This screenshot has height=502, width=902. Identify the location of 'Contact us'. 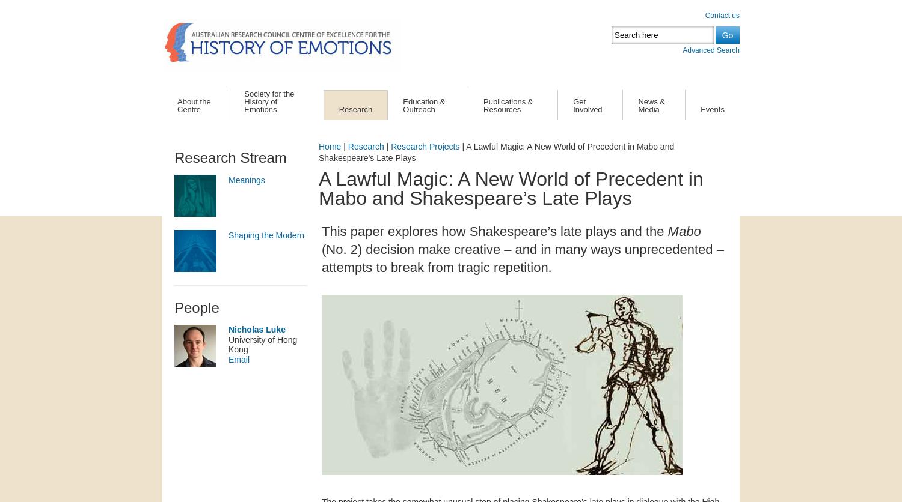
(722, 15).